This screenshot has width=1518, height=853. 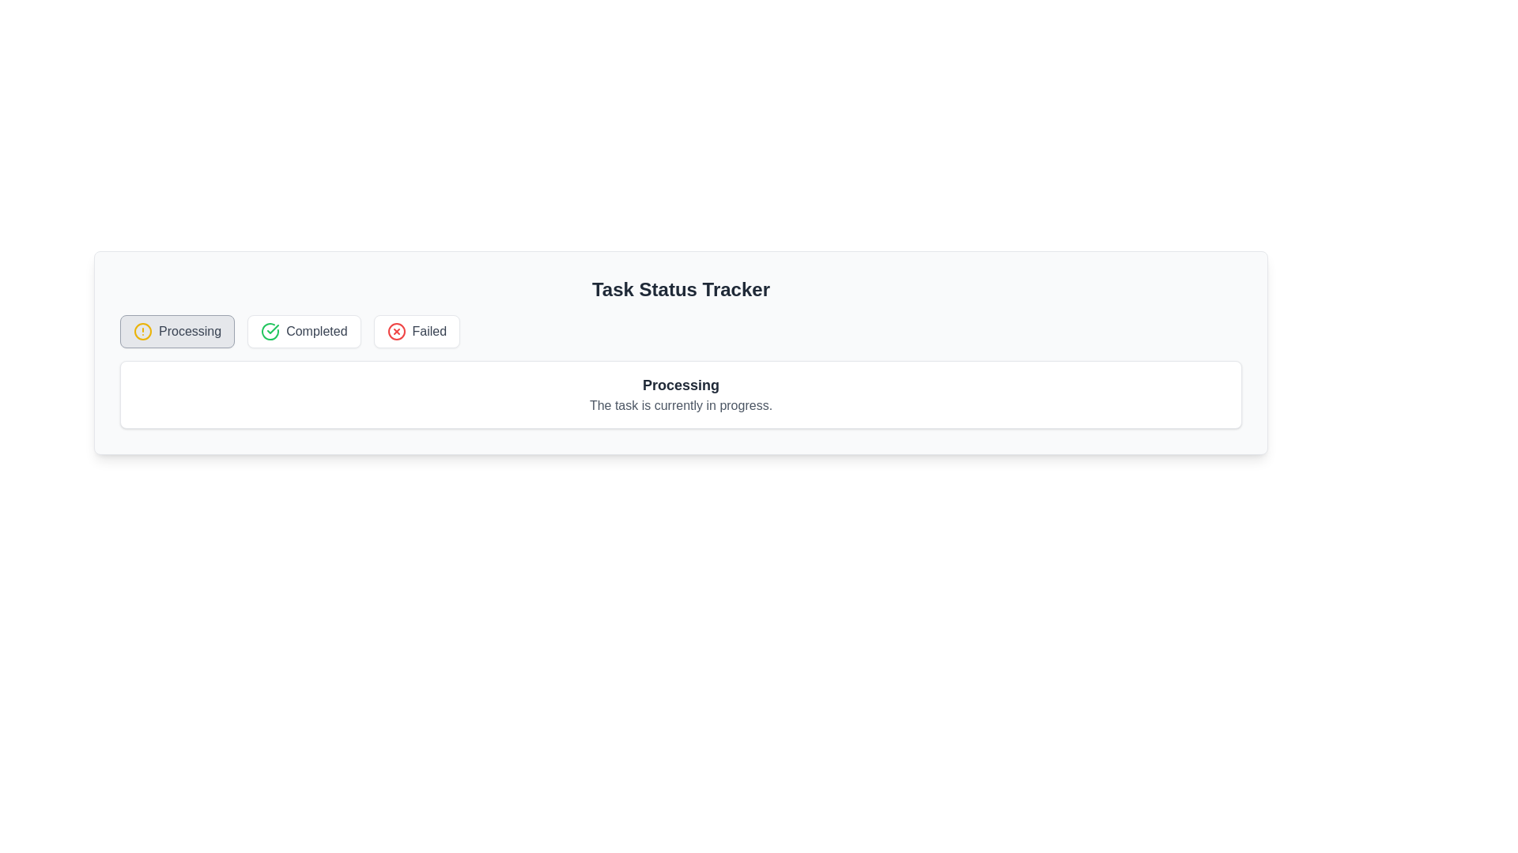 I want to click on the button labeled 'Completed' that contains a green check icon, indicating a completed status, so click(x=270, y=331).